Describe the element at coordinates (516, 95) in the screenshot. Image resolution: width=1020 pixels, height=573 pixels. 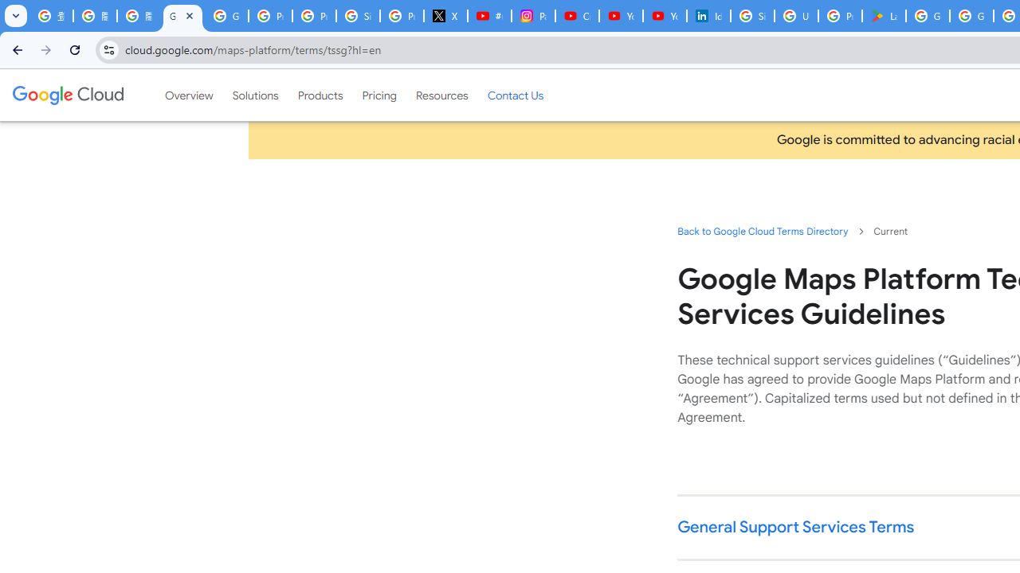
I see `'Contact Us'` at that location.